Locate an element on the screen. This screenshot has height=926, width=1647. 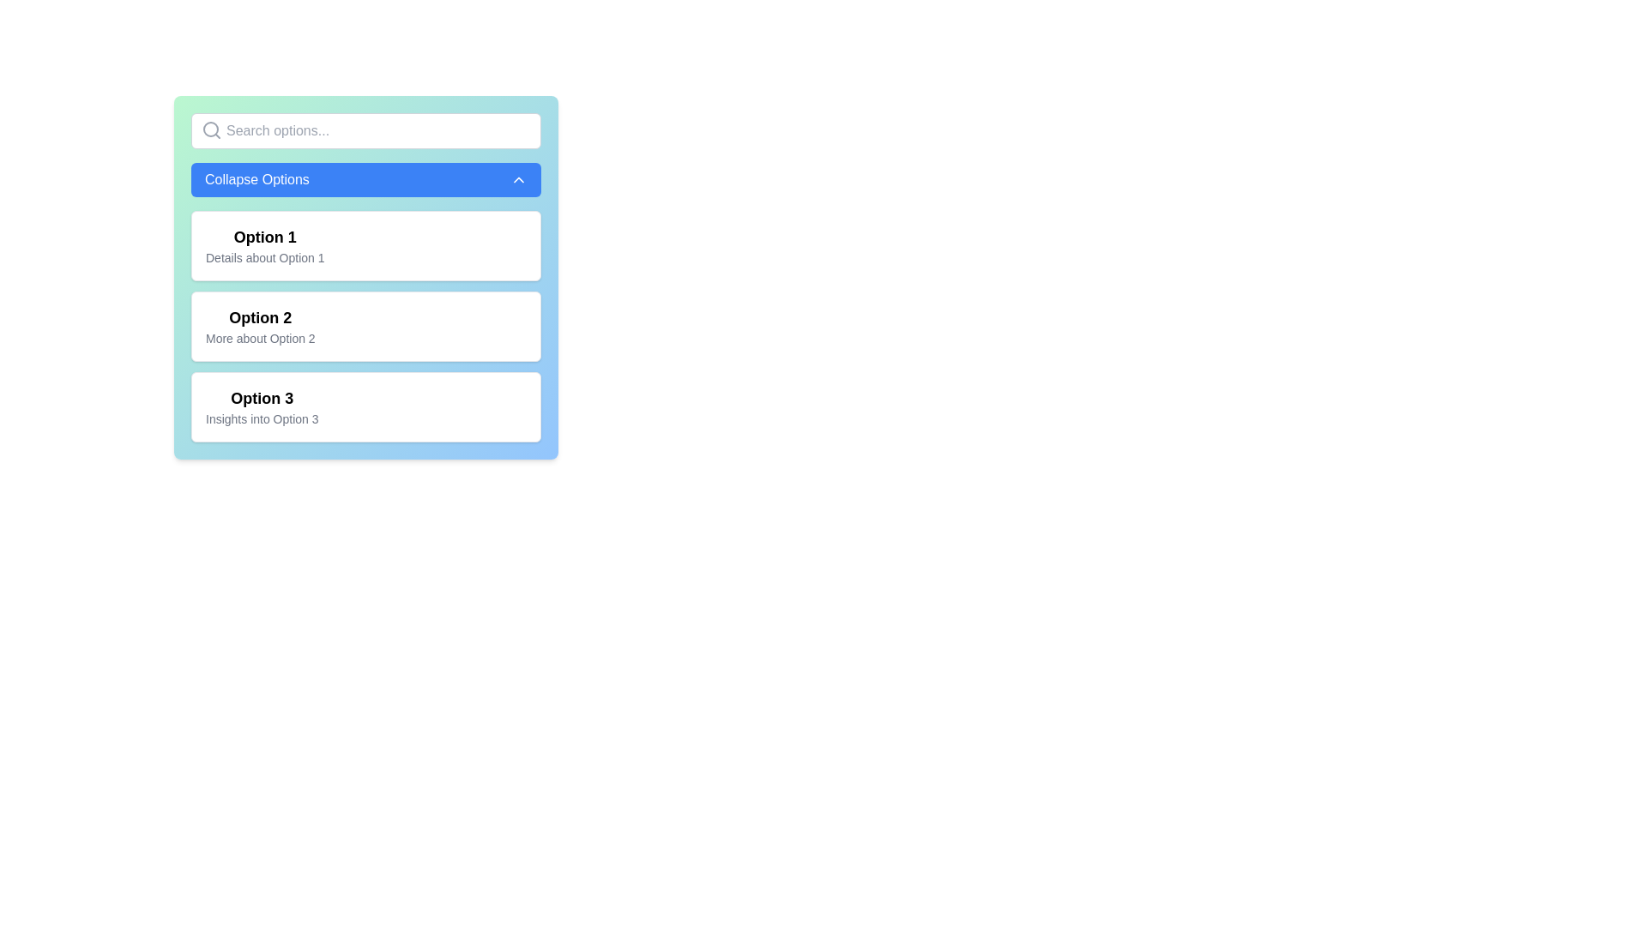
the List Item with Descriptive Text that has a bold title 'Option 3' and a gray subtitle 'Insights into Option 3', which is the third option in a vertical list is located at coordinates (261, 406).